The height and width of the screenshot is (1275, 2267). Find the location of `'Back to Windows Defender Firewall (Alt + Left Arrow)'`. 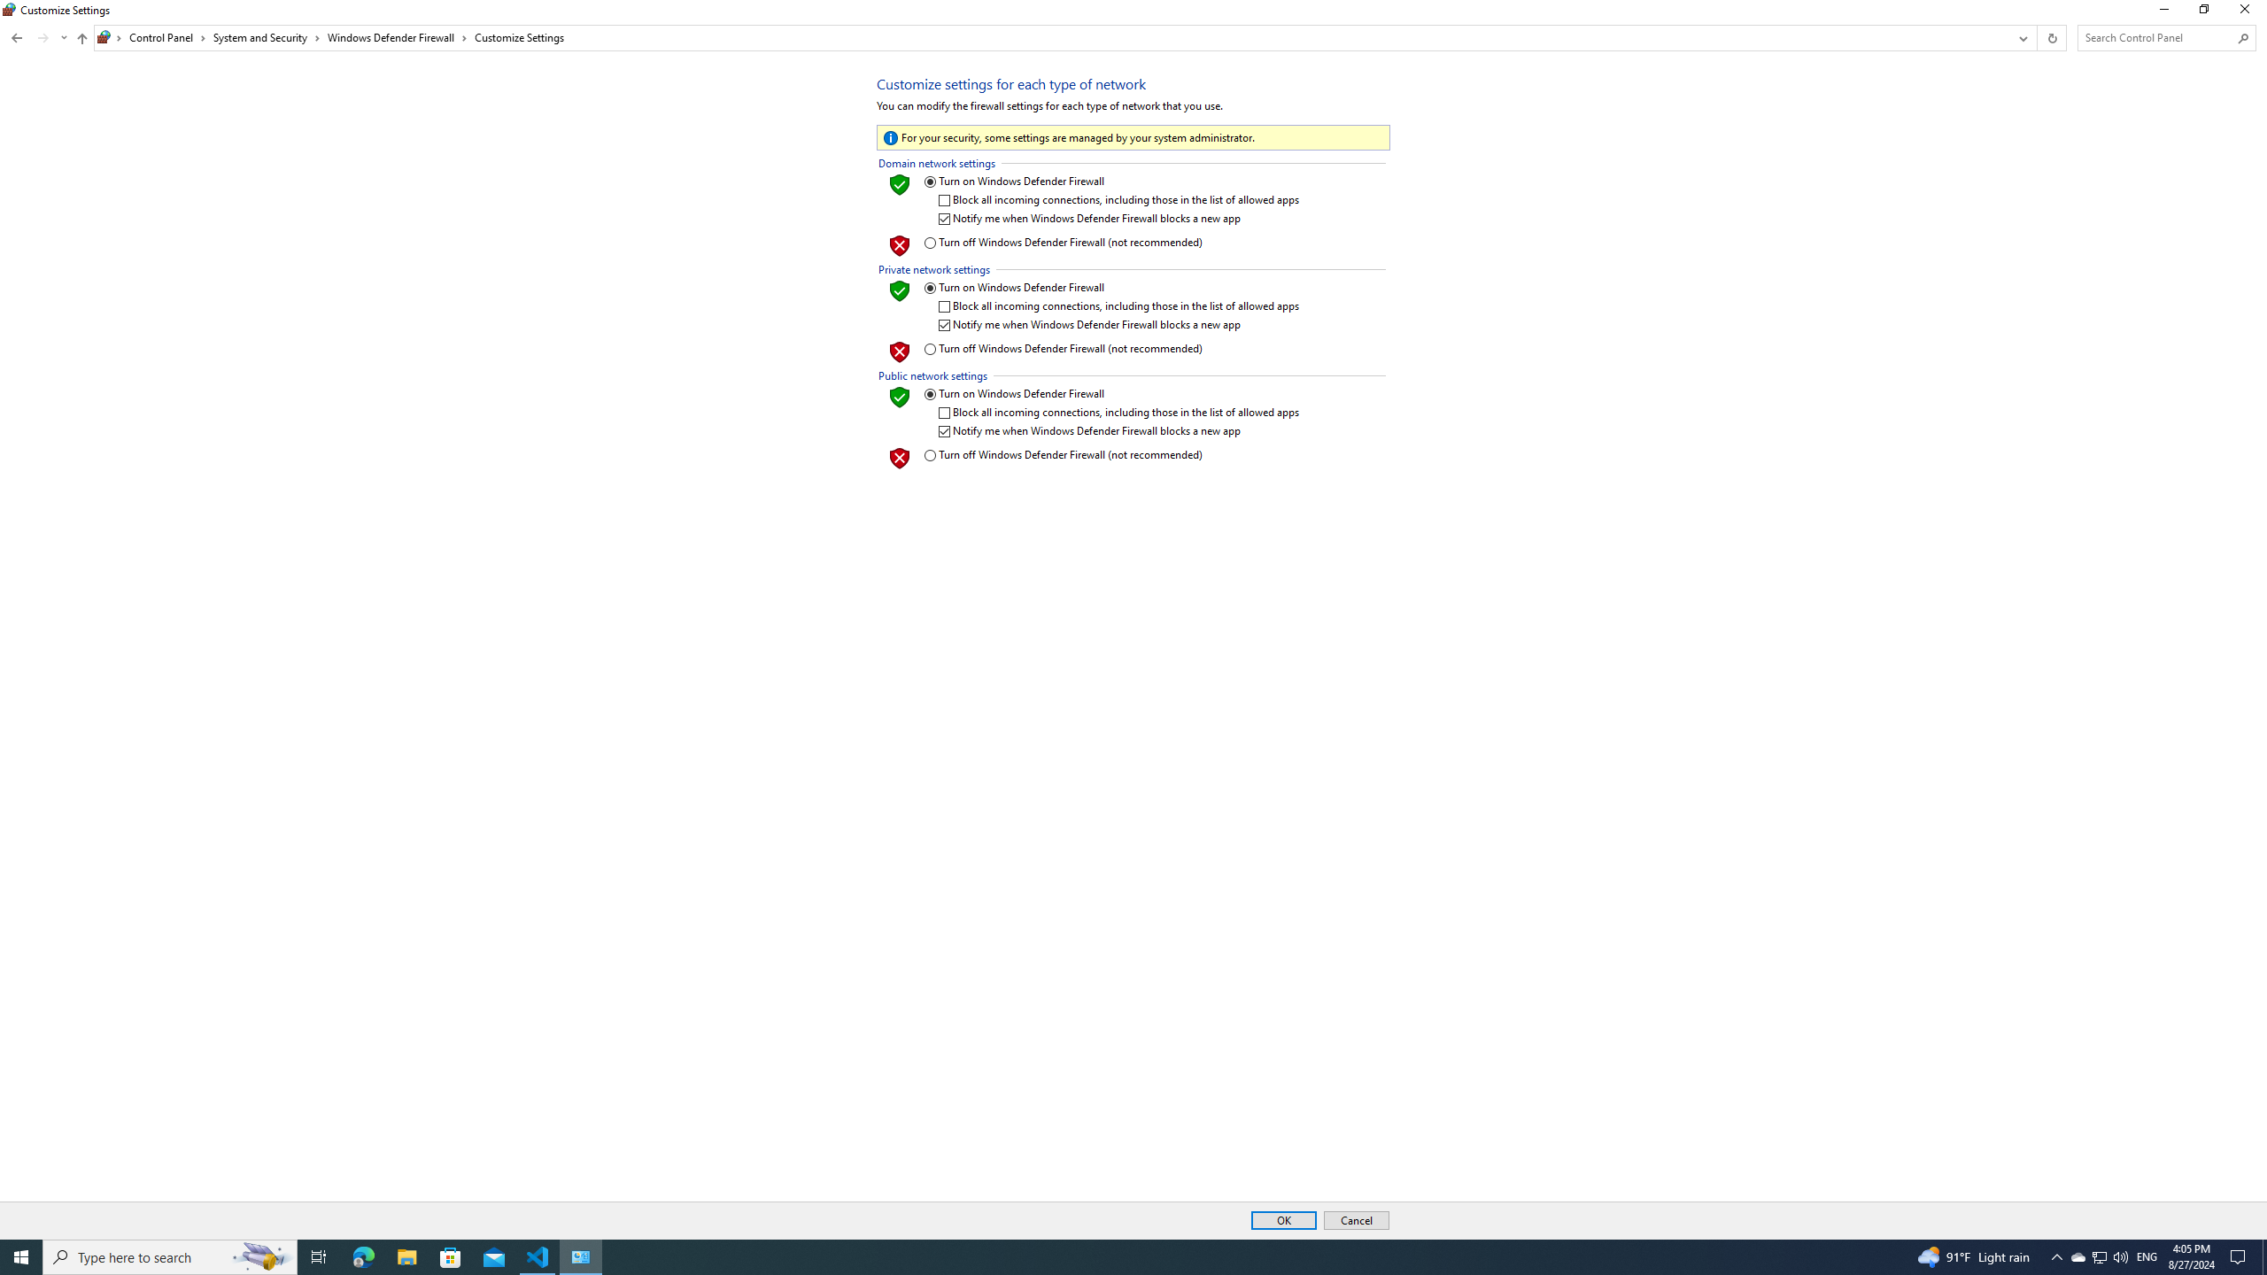

'Back to Windows Defender Firewall (Alt + Left Arrow)' is located at coordinates (17, 37).